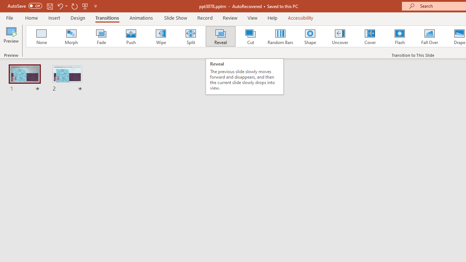 The height and width of the screenshot is (262, 466). What do you see at coordinates (100, 36) in the screenshot?
I see `'Fade'` at bounding box center [100, 36].